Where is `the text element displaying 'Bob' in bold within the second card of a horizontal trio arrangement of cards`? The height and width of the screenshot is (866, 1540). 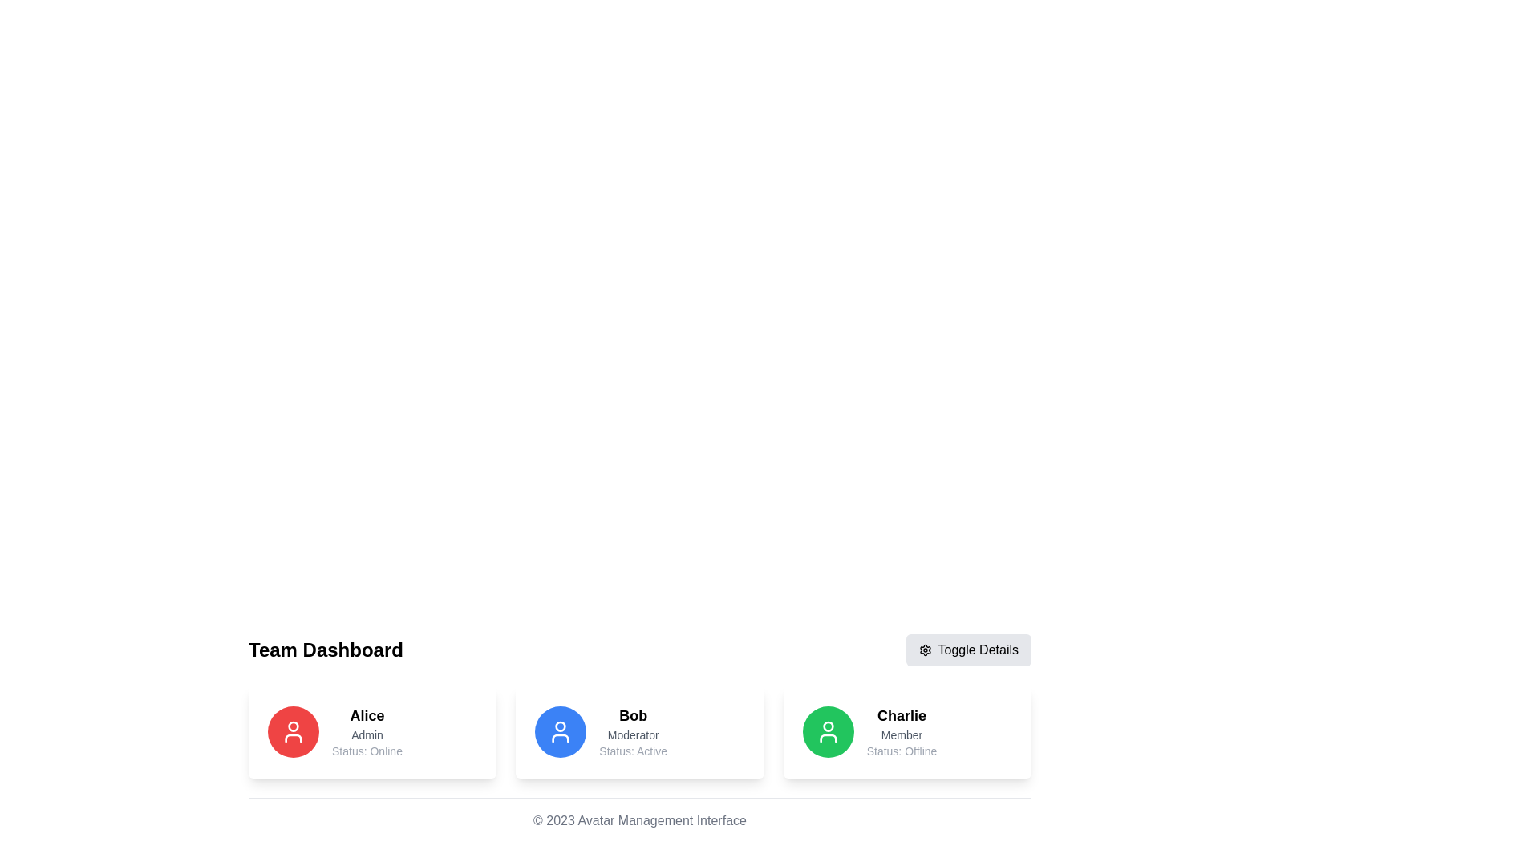
the text element displaying 'Bob' in bold within the second card of a horizontal trio arrangement of cards is located at coordinates (632, 715).